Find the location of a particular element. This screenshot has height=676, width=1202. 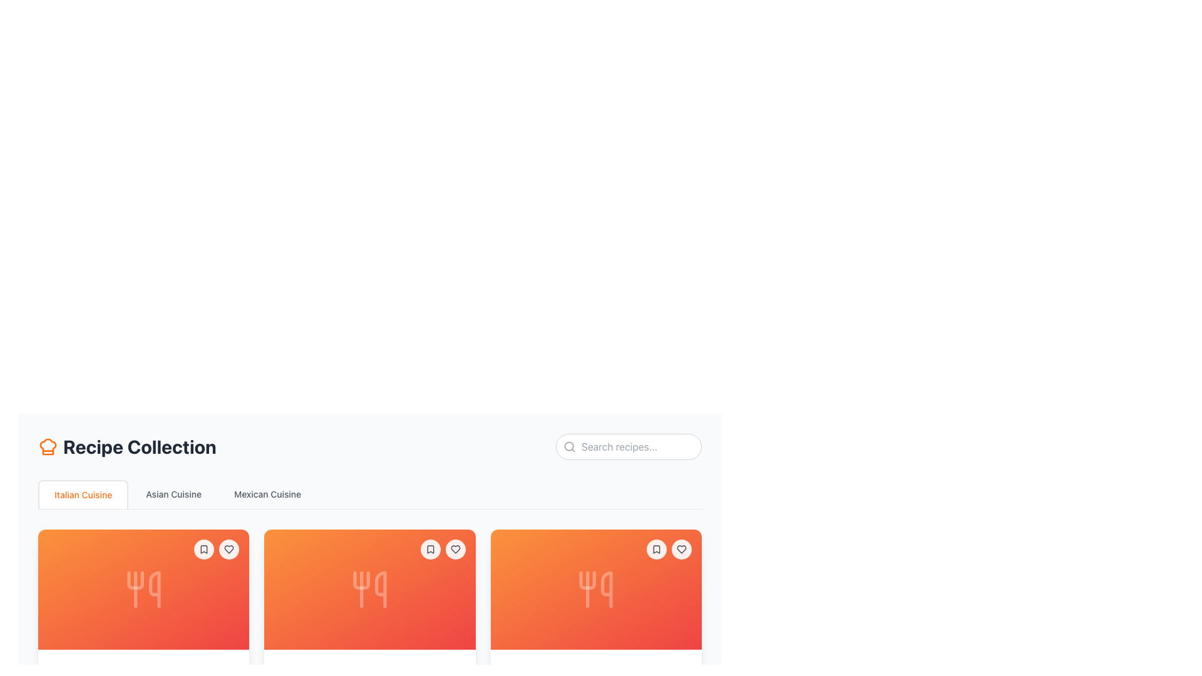

the heart button in the interactive button group located in the top-right corner of the card to like the item is located at coordinates (669, 549).